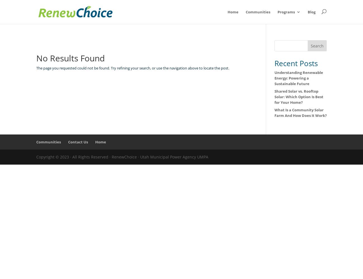  I want to click on 'What Is a Community Solar Farm And How Does It Work?', so click(274, 113).